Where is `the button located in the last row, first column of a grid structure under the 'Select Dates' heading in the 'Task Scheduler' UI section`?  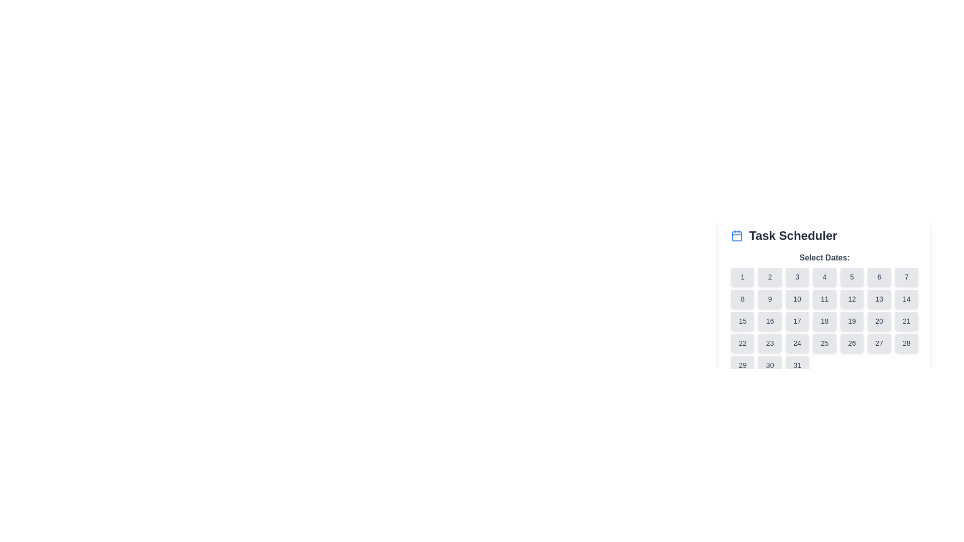
the button located in the last row, first column of a grid structure under the 'Select Dates' heading in the 'Task Scheduler' UI section is located at coordinates (743, 365).